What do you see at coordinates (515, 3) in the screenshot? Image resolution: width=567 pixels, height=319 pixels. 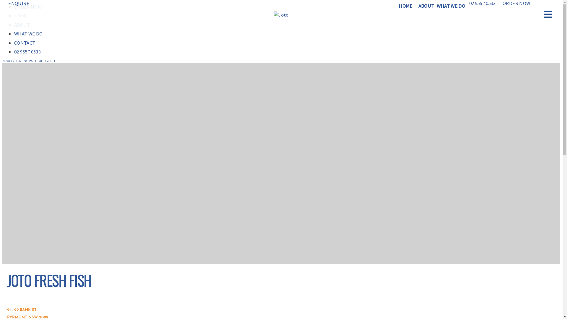 I see `'ORDER NOW'` at bounding box center [515, 3].